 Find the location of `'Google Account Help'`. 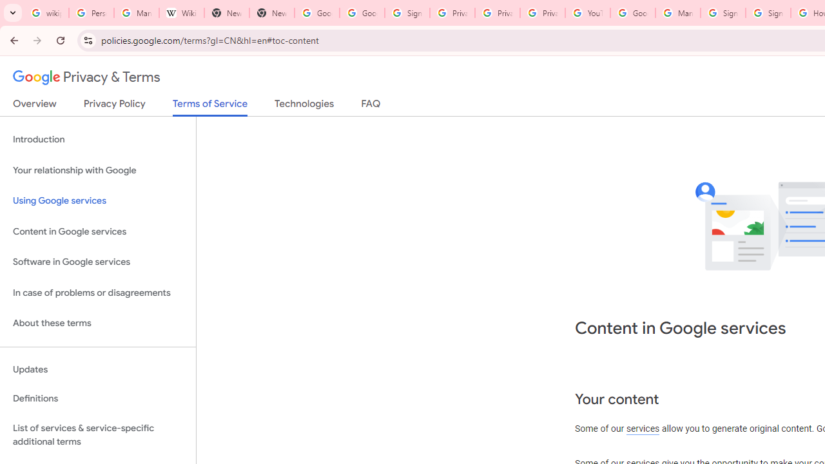

'Google Account Help' is located at coordinates (633, 13).